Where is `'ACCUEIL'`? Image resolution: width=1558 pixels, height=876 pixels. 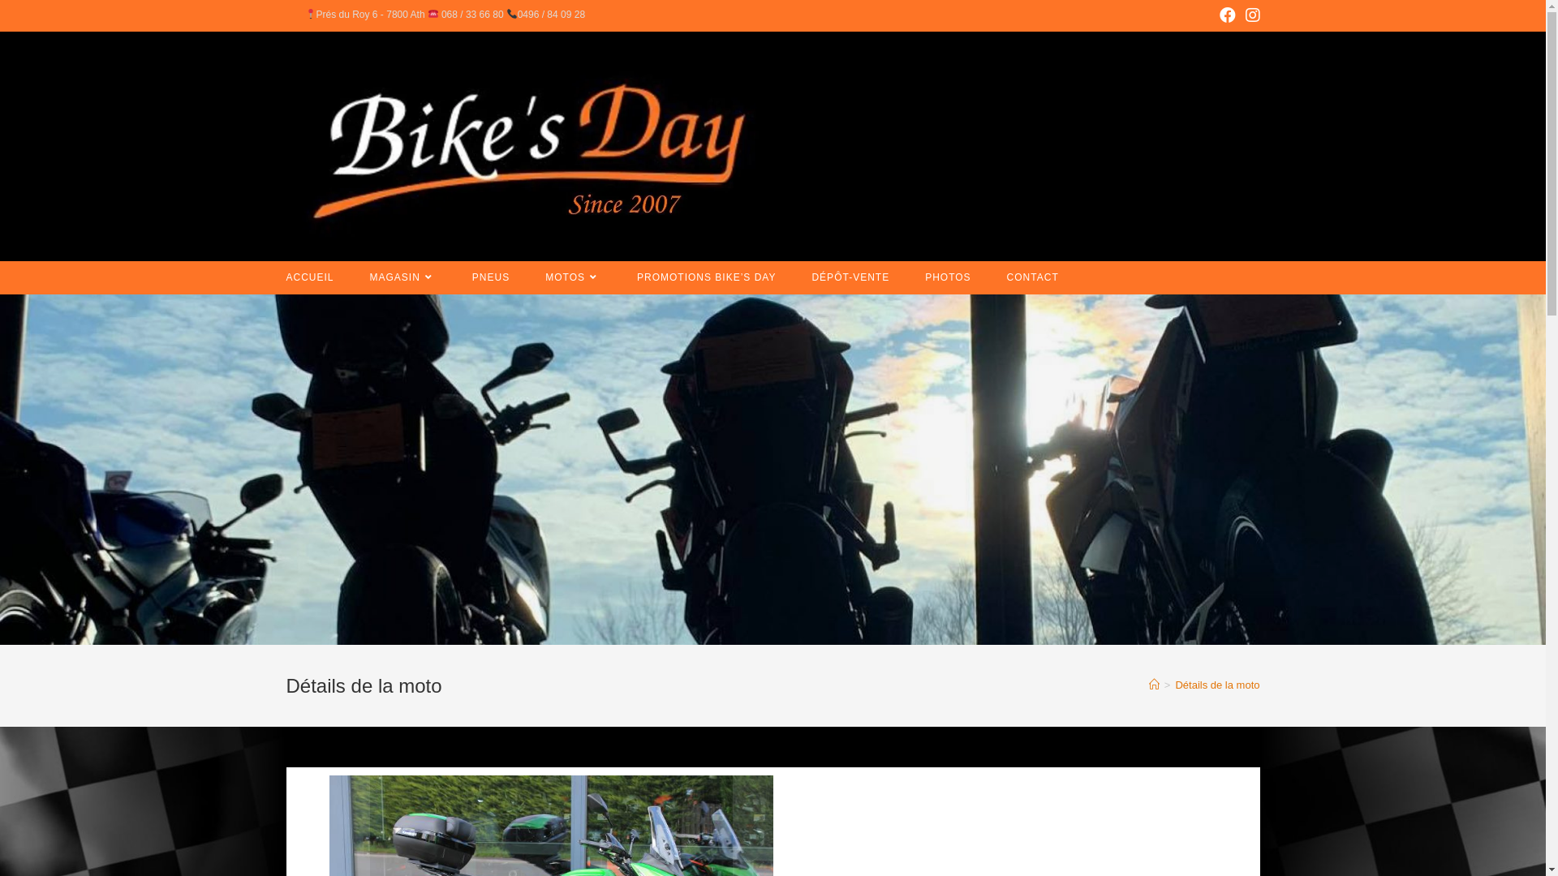
'ACCUEIL' is located at coordinates (268, 277).